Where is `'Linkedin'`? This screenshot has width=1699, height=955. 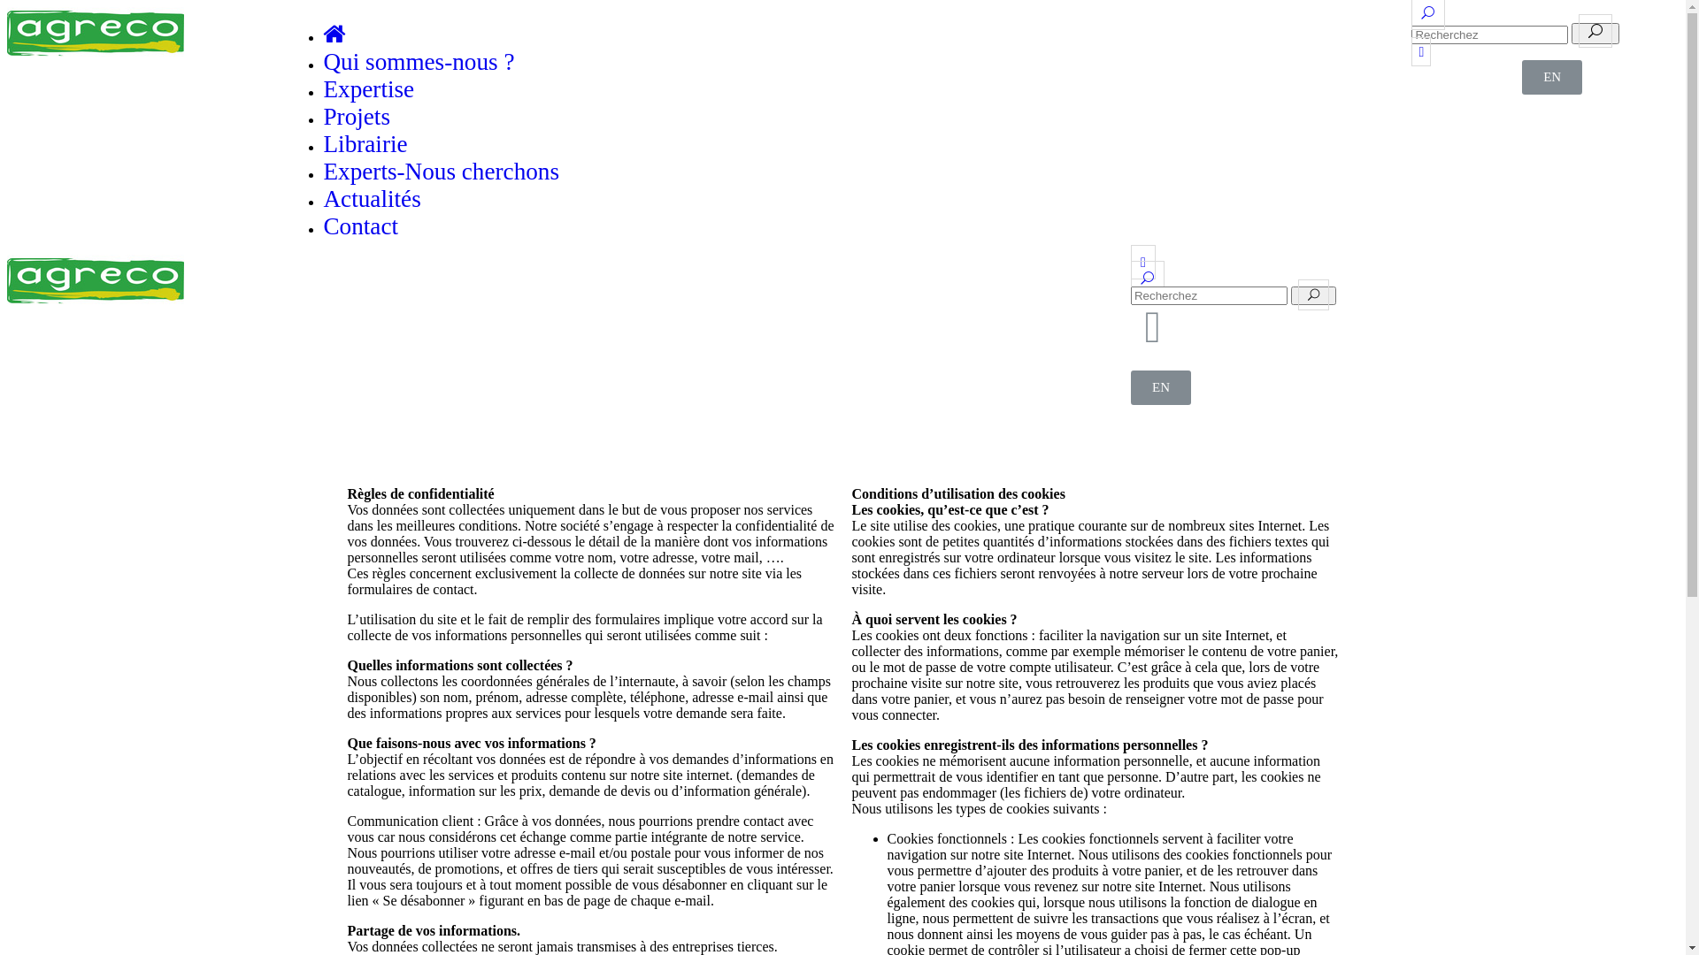
'Linkedin' is located at coordinates (338, 202).